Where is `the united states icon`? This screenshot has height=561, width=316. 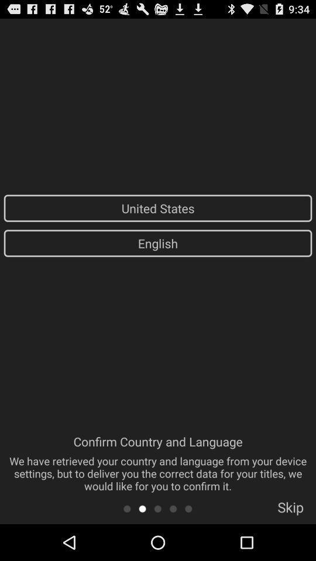 the united states icon is located at coordinates (158, 208).